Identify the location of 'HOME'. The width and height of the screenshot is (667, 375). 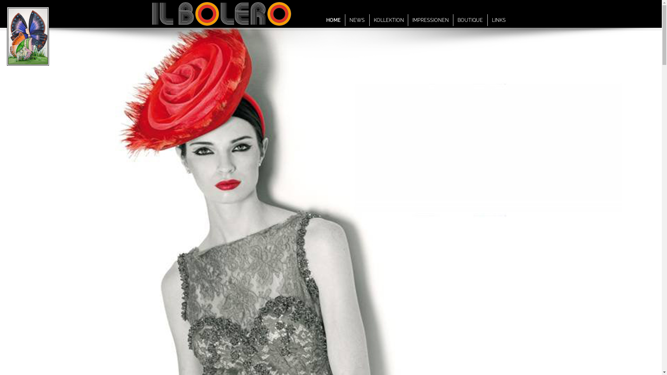
(333, 19).